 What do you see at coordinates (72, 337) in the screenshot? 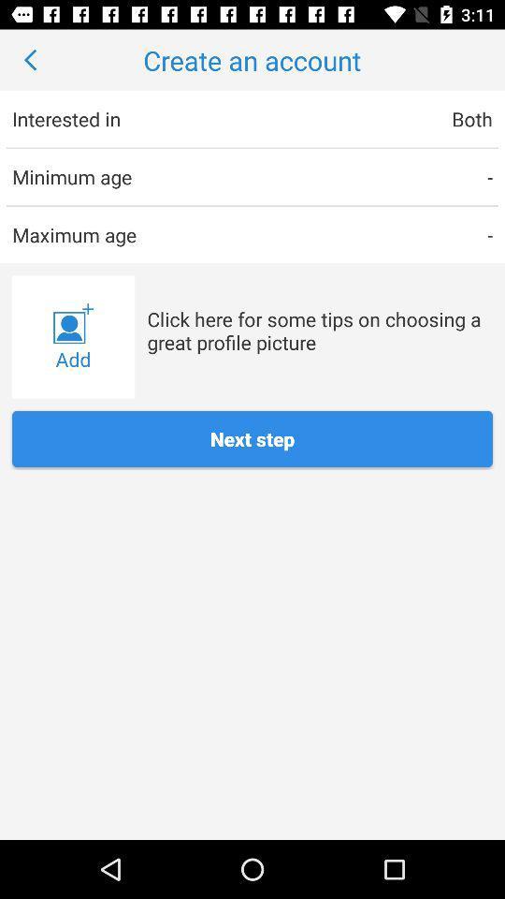
I see `the icon above next step` at bounding box center [72, 337].